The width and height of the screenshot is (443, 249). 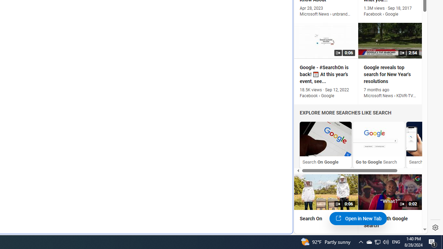 I want to click on 'Search On Google', so click(x=325, y=144).